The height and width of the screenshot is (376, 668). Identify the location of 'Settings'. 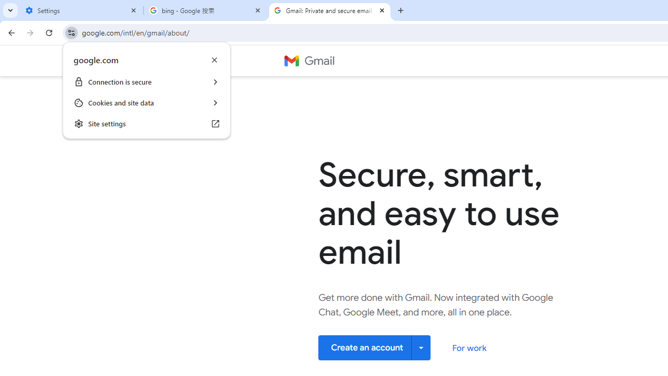
(81, 10).